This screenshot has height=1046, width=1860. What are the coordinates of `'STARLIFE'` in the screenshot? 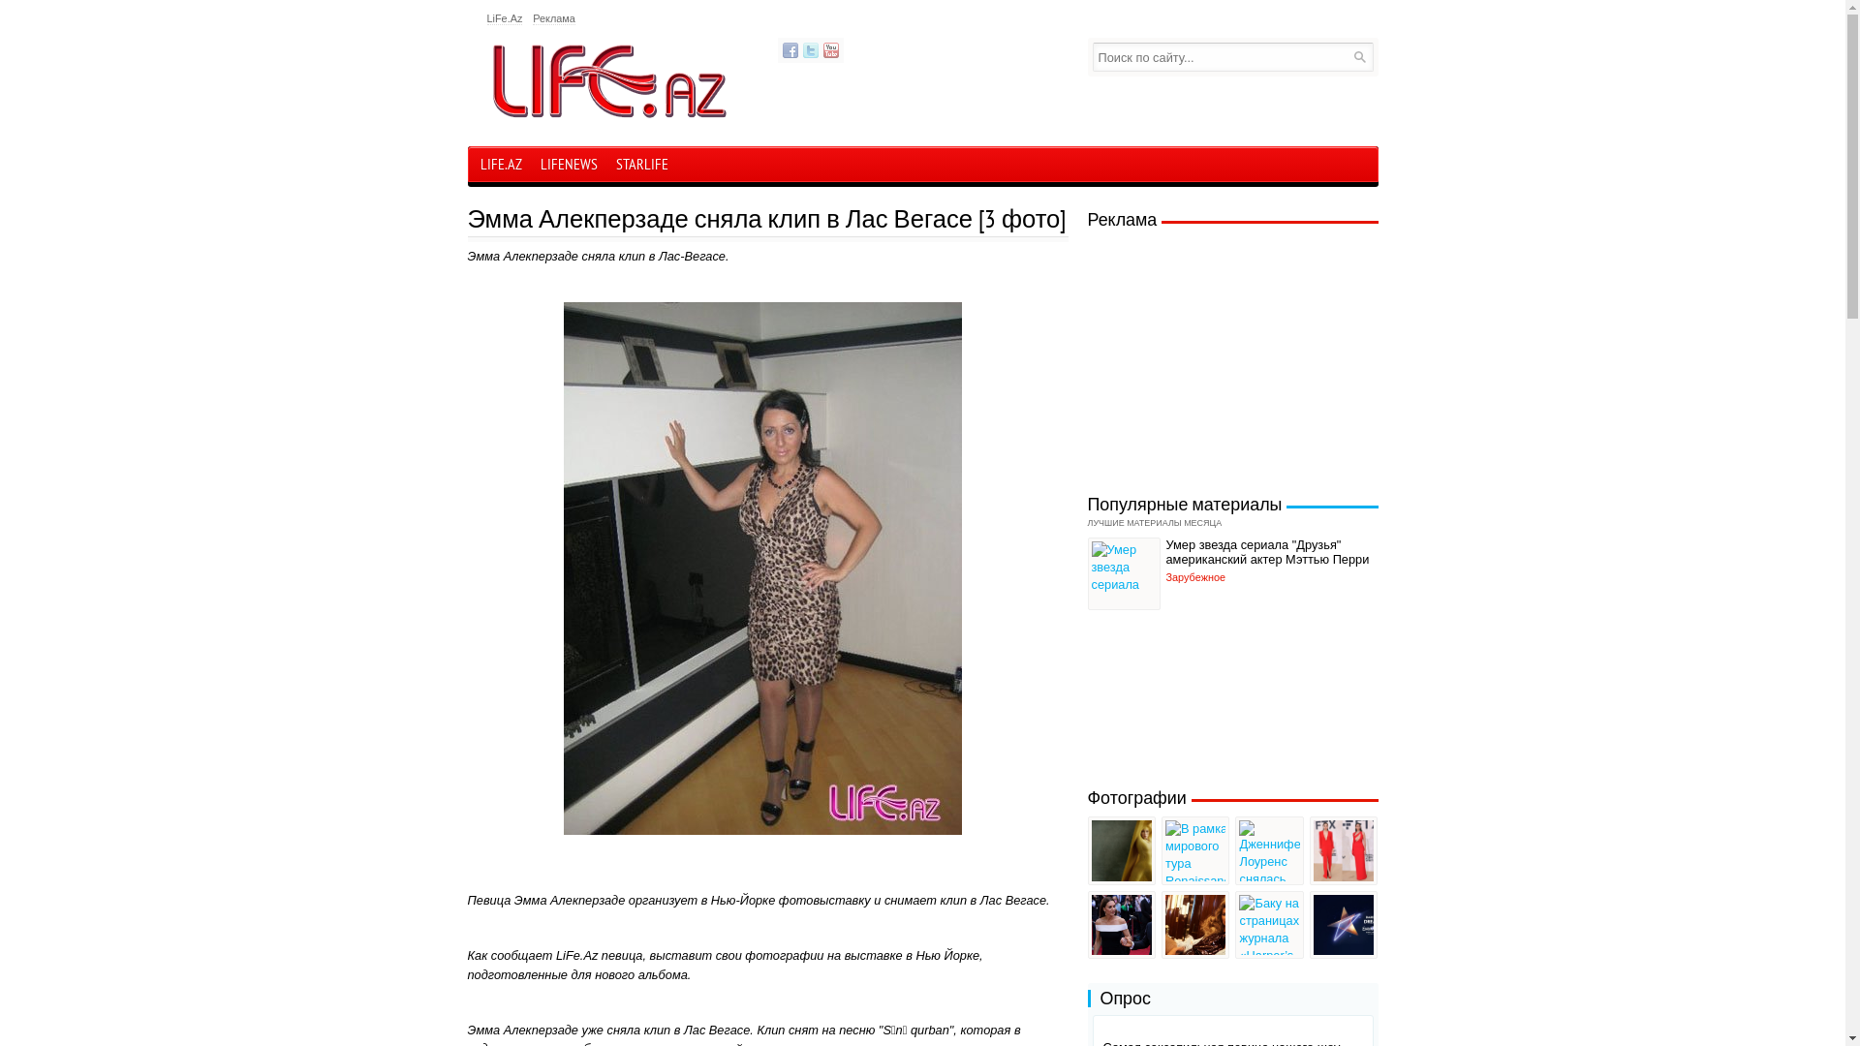 It's located at (641, 166).